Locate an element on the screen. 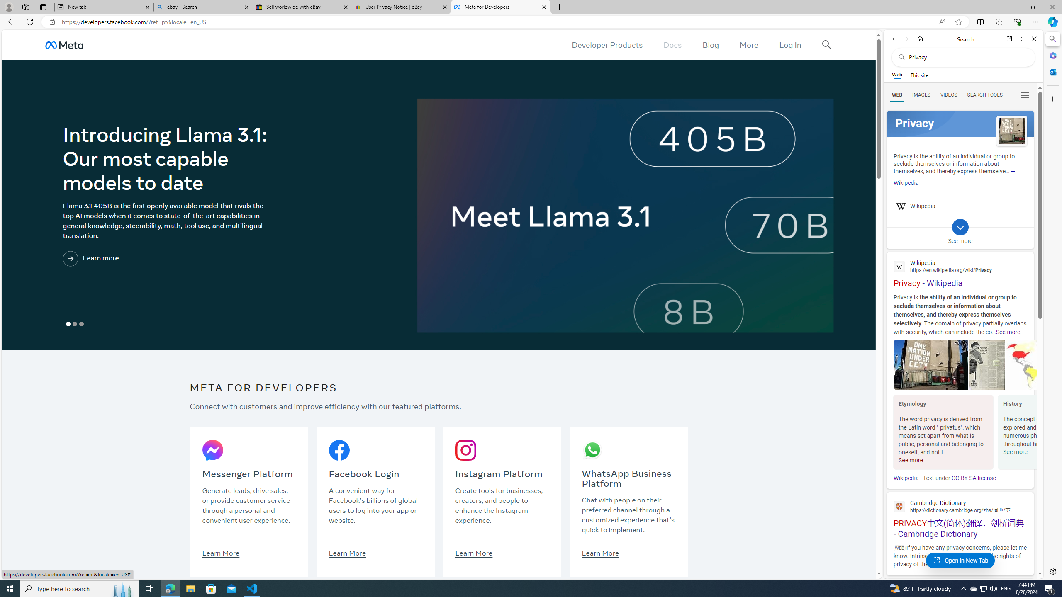  'Web scope' is located at coordinates (897, 75).